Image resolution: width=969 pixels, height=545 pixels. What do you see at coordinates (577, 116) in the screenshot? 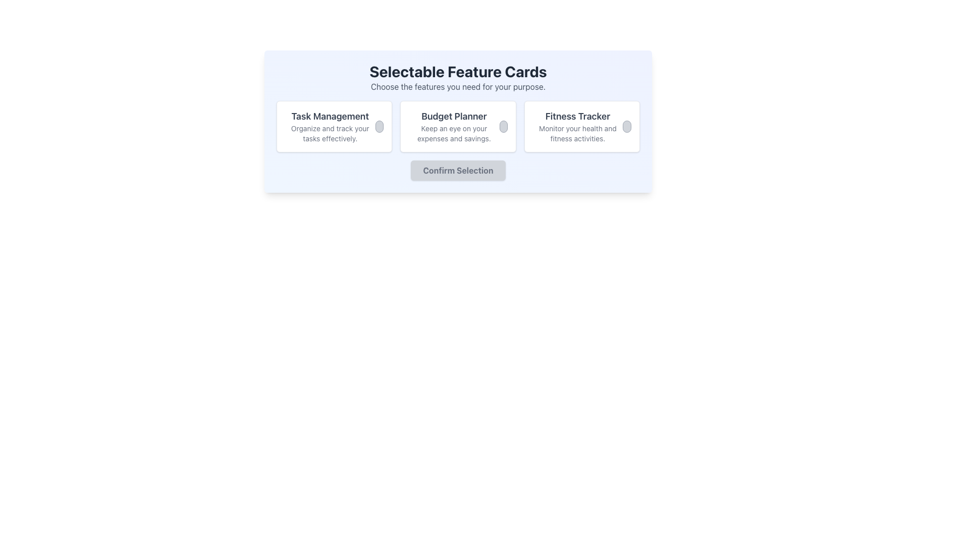
I see `the Text Label indicating the title of the 'Fitness Tracker' card, located at the upper section of the card within the 'Selectable Feature Cards' section` at bounding box center [577, 116].